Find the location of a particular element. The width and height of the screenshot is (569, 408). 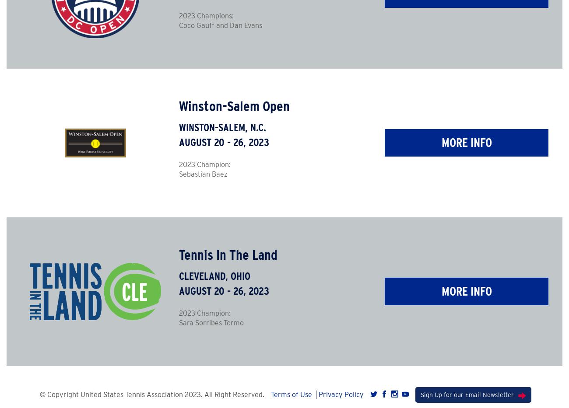

'Sara Sorribes Tormo' is located at coordinates (211, 322).